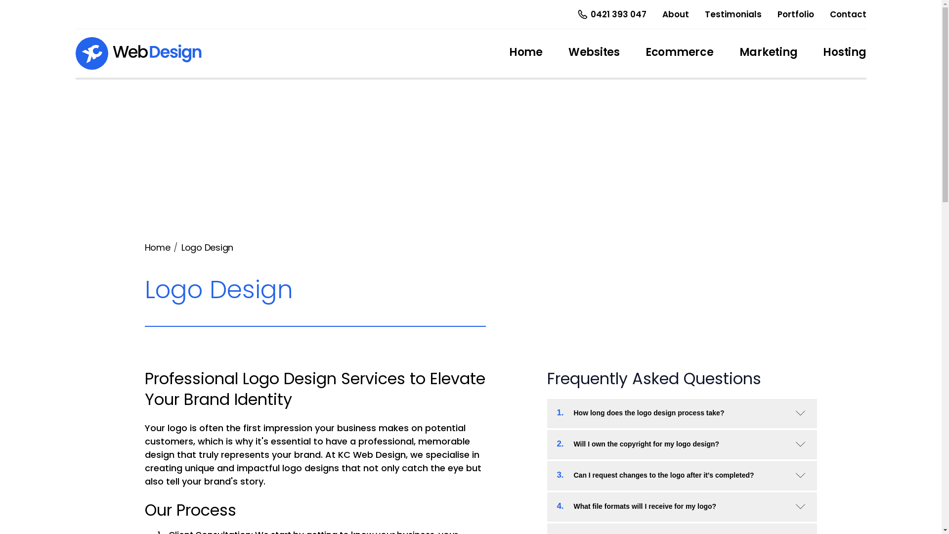 The height and width of the screenshot is (534, 949). I want to click on 'About', so click(675, 14).